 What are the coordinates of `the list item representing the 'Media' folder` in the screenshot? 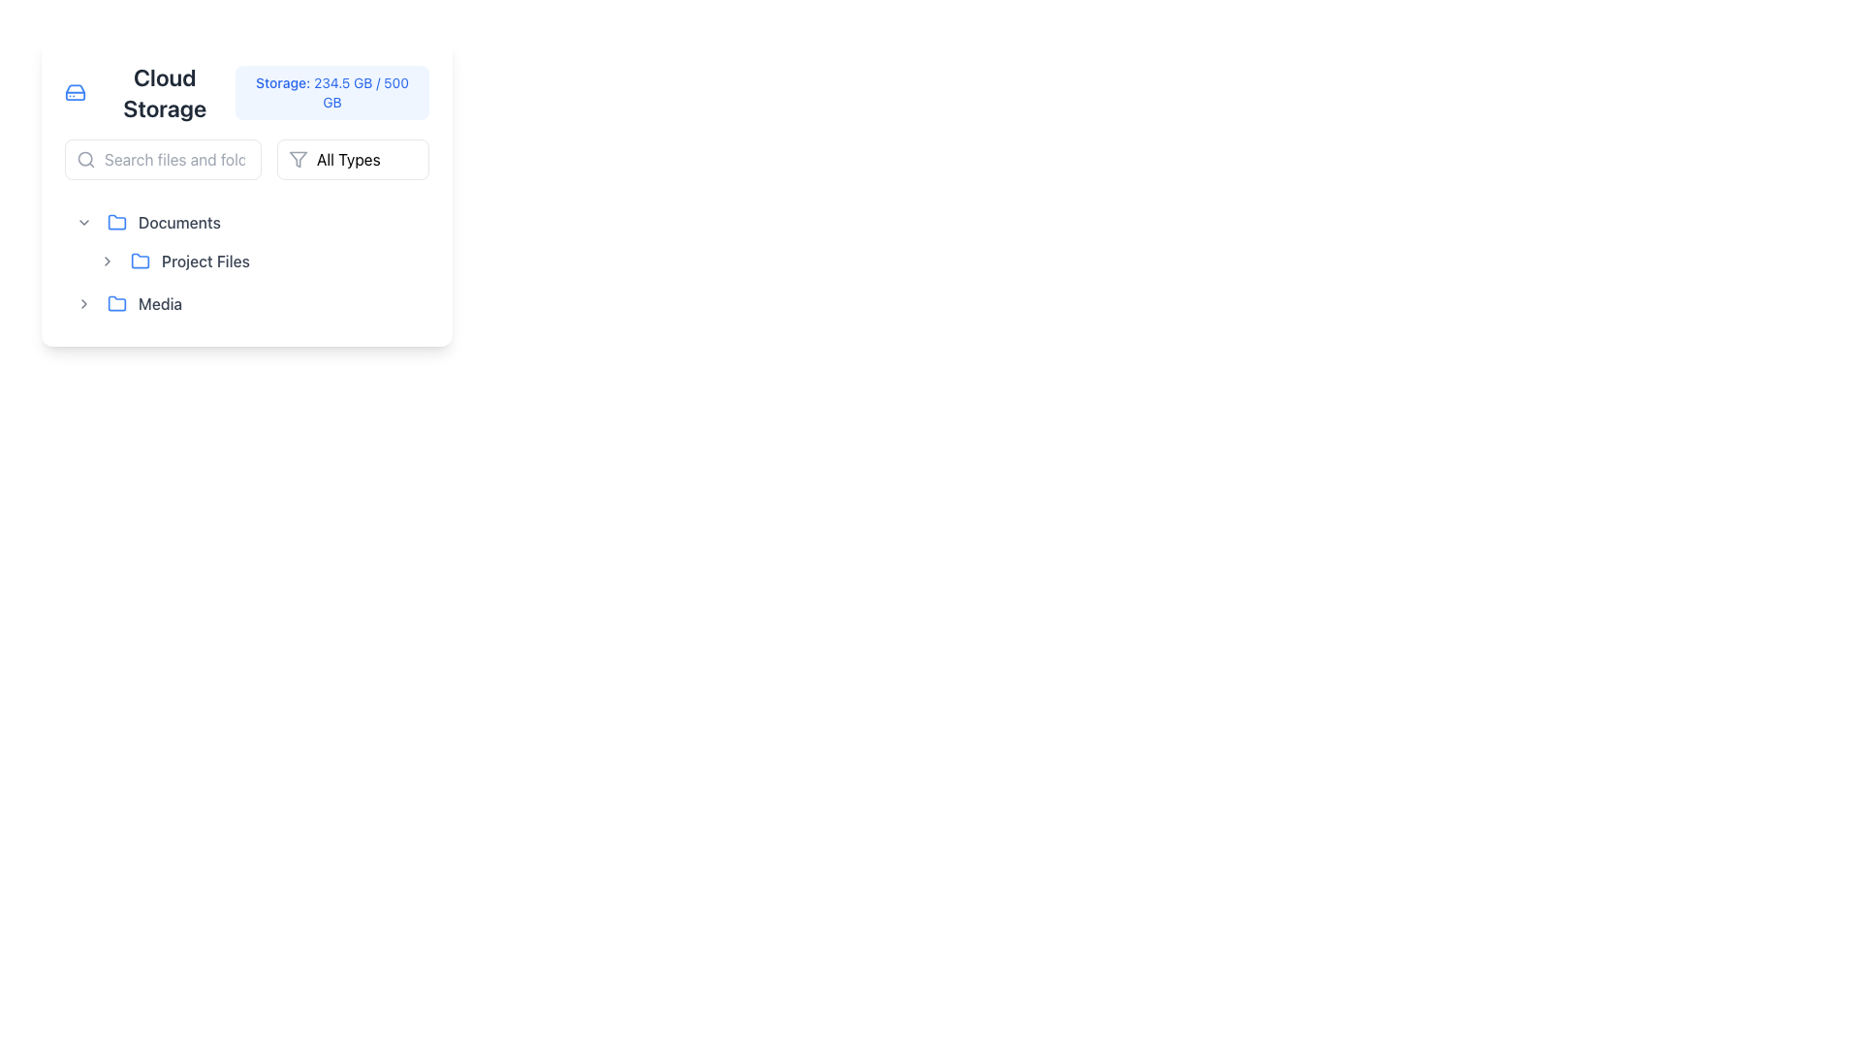 It's located at (172, 303).